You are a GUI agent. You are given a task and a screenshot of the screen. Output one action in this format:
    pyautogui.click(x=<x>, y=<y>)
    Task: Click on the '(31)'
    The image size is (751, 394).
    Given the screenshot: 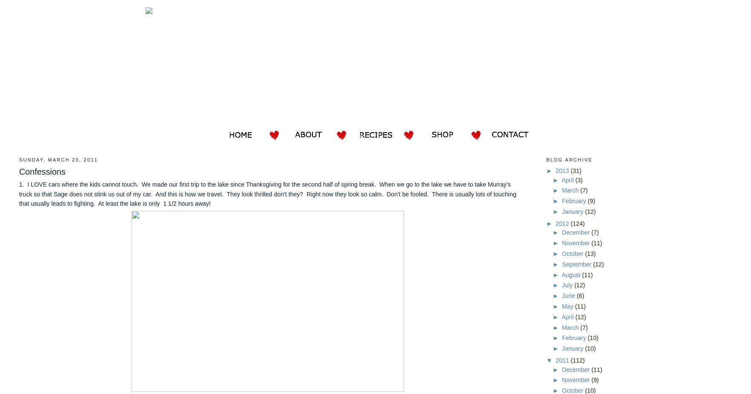 What is the action you would take?
    pyautogui.click(x=576, y=170)
    